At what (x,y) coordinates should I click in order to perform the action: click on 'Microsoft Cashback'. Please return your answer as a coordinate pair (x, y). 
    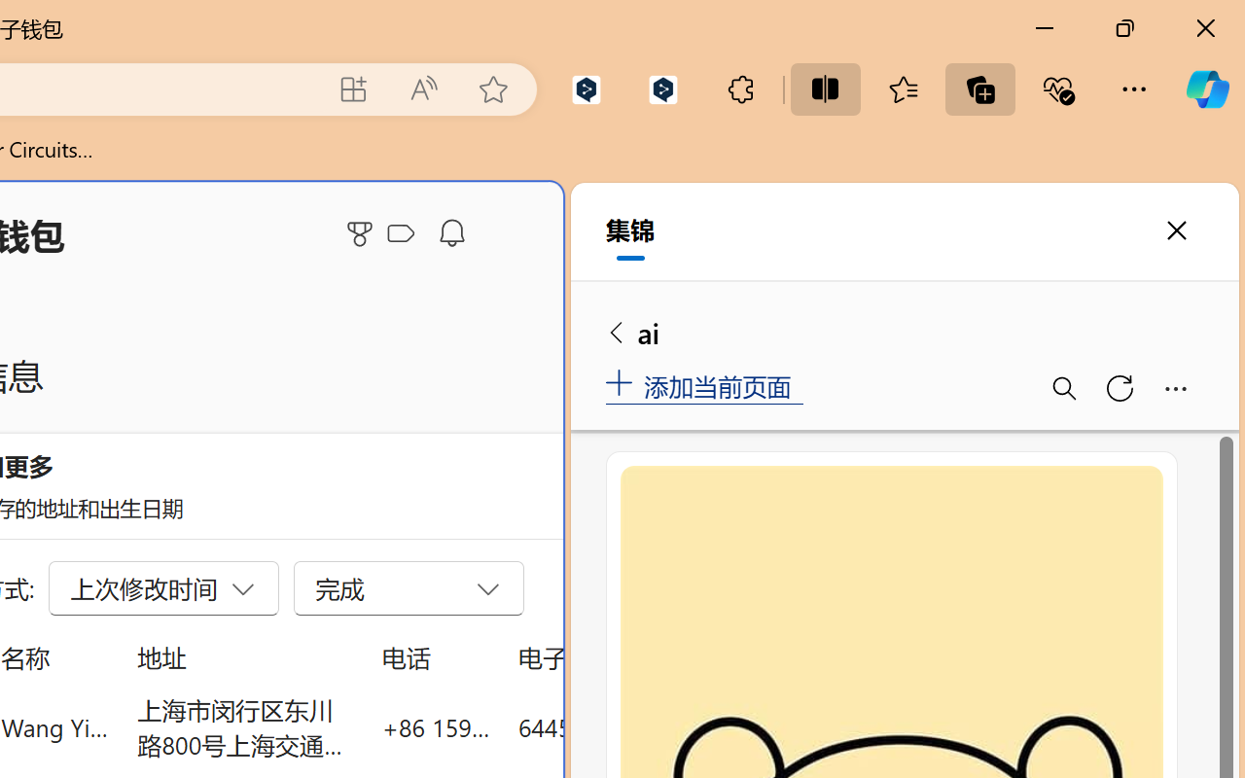
    Looking at the image, I should click on (404, 233).